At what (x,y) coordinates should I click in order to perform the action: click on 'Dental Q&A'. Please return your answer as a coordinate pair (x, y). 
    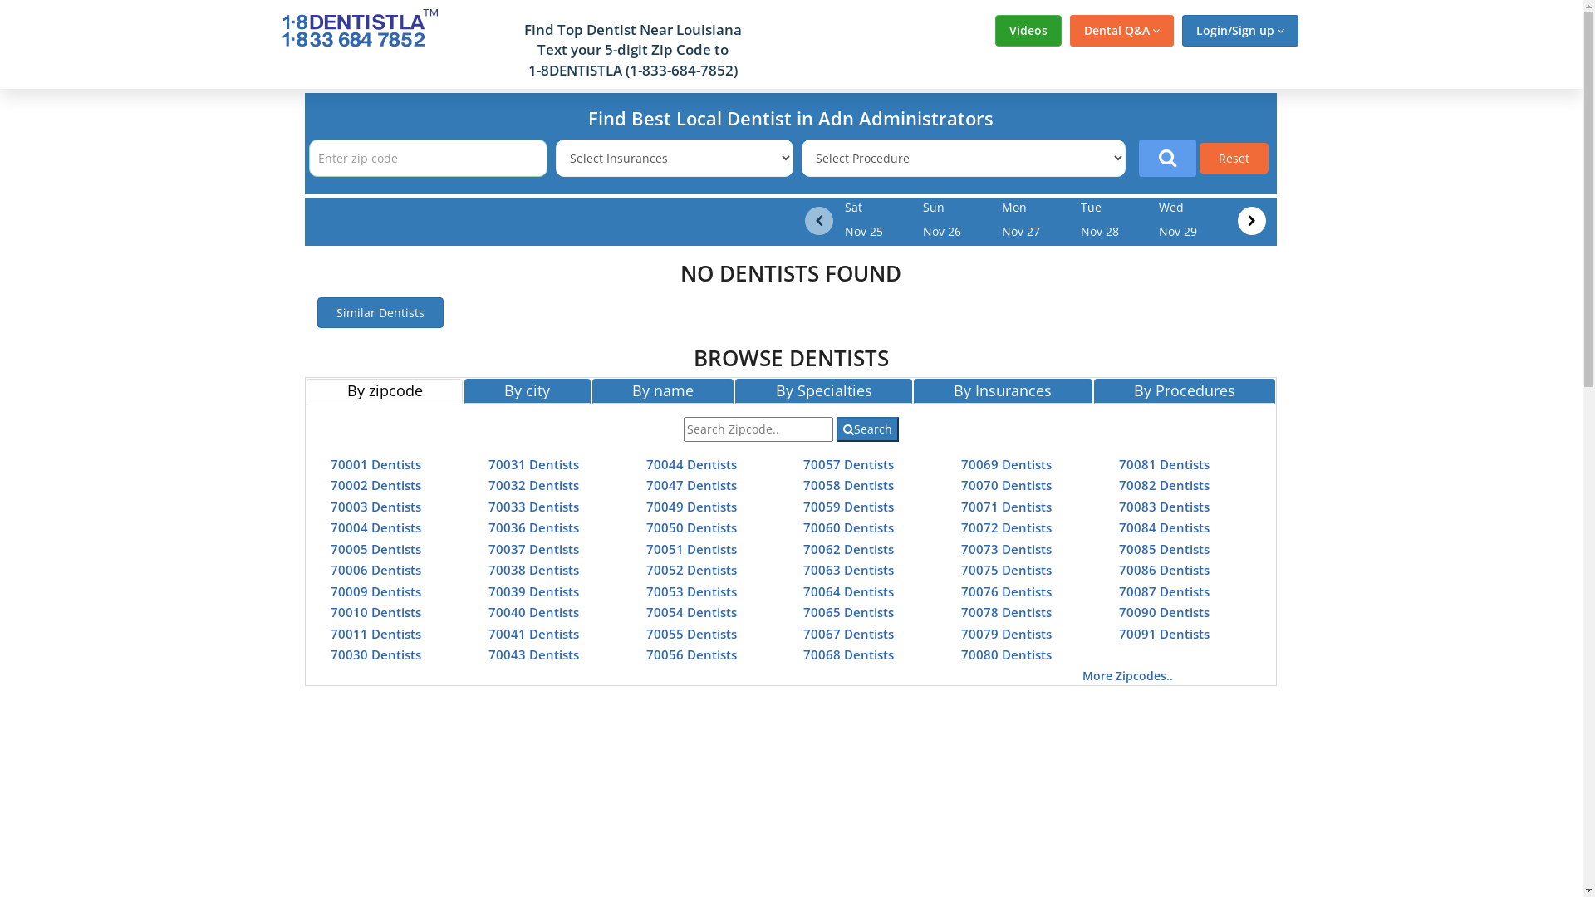
    Looking at the image, I should click on (1121, 31).